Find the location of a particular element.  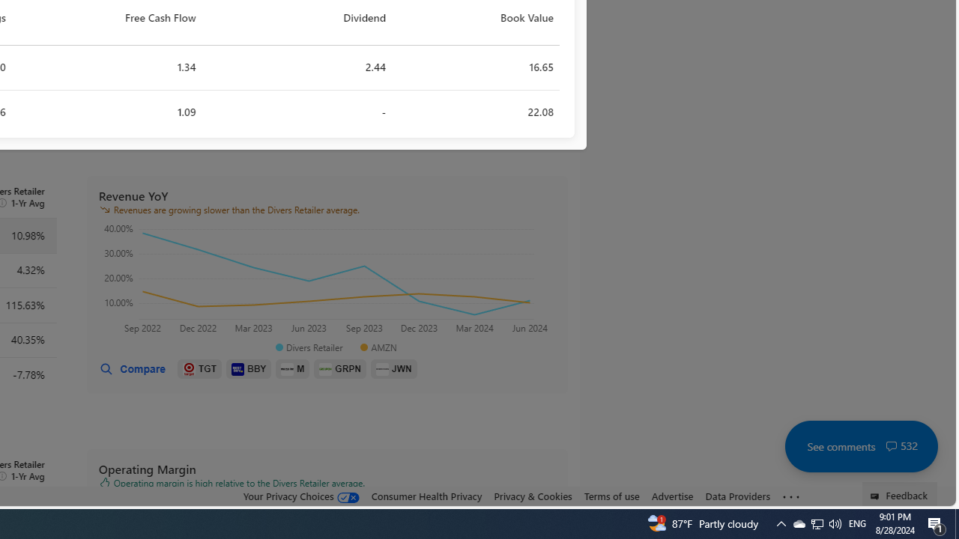

'Privacy & Cookies' is located at coordinates (533, 496).